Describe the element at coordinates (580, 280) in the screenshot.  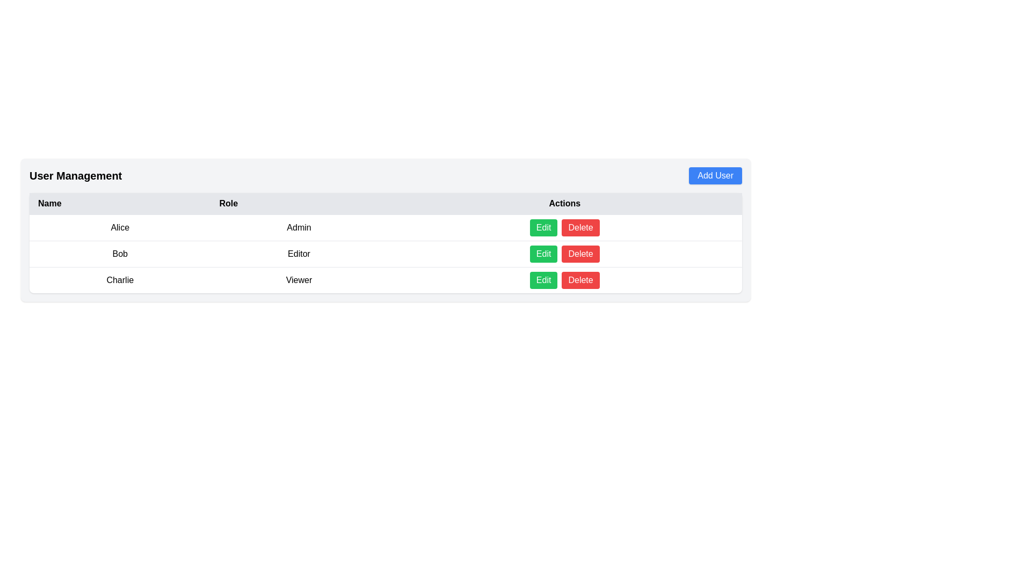
I see `the red 'Delete' button with white text, positioned to the right of the 'Edit' button in the user management table's second row, to observe hover effects` at that location.